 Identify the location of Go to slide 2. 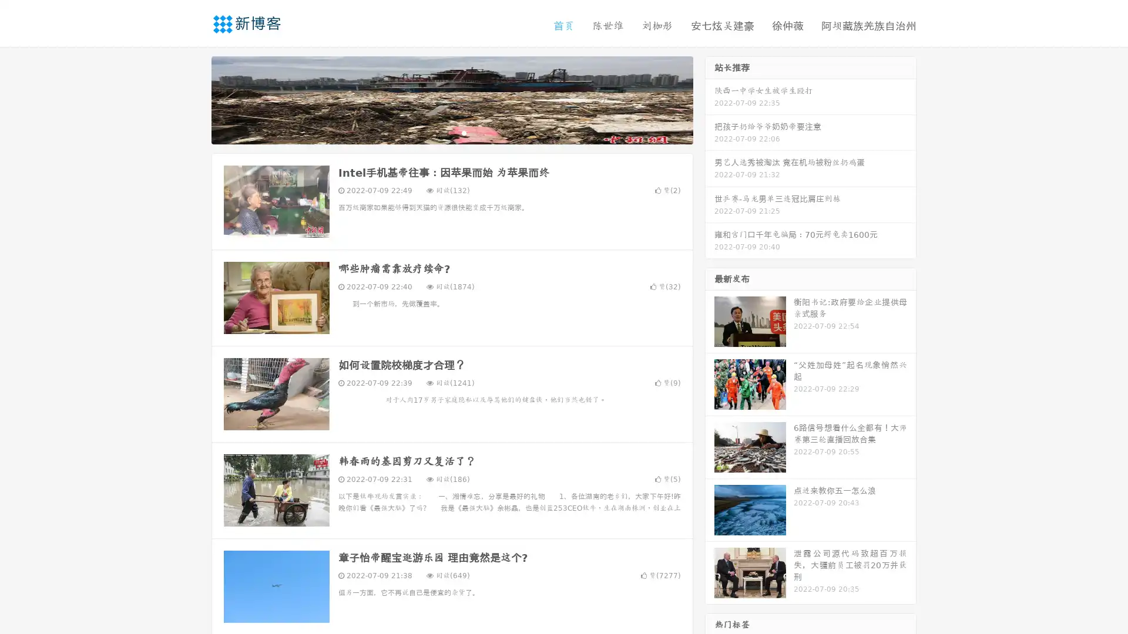
(451, 132).